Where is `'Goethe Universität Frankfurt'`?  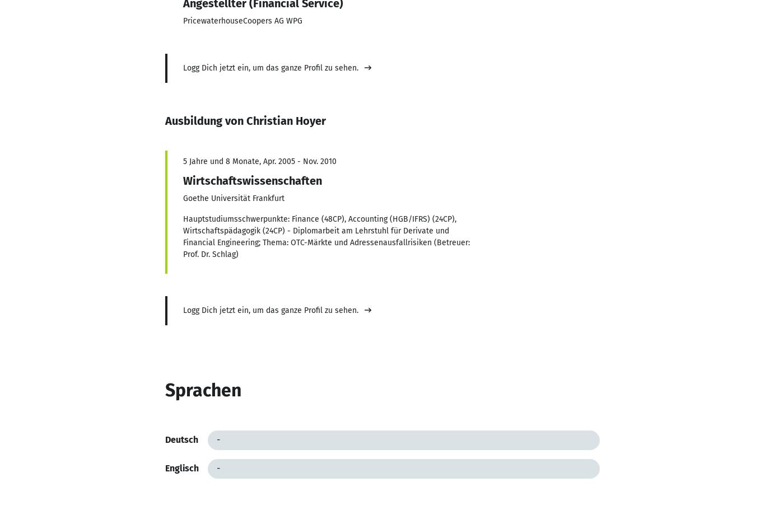 'Goethe Universität Frankfurt' is located at coordinates (183, 198).